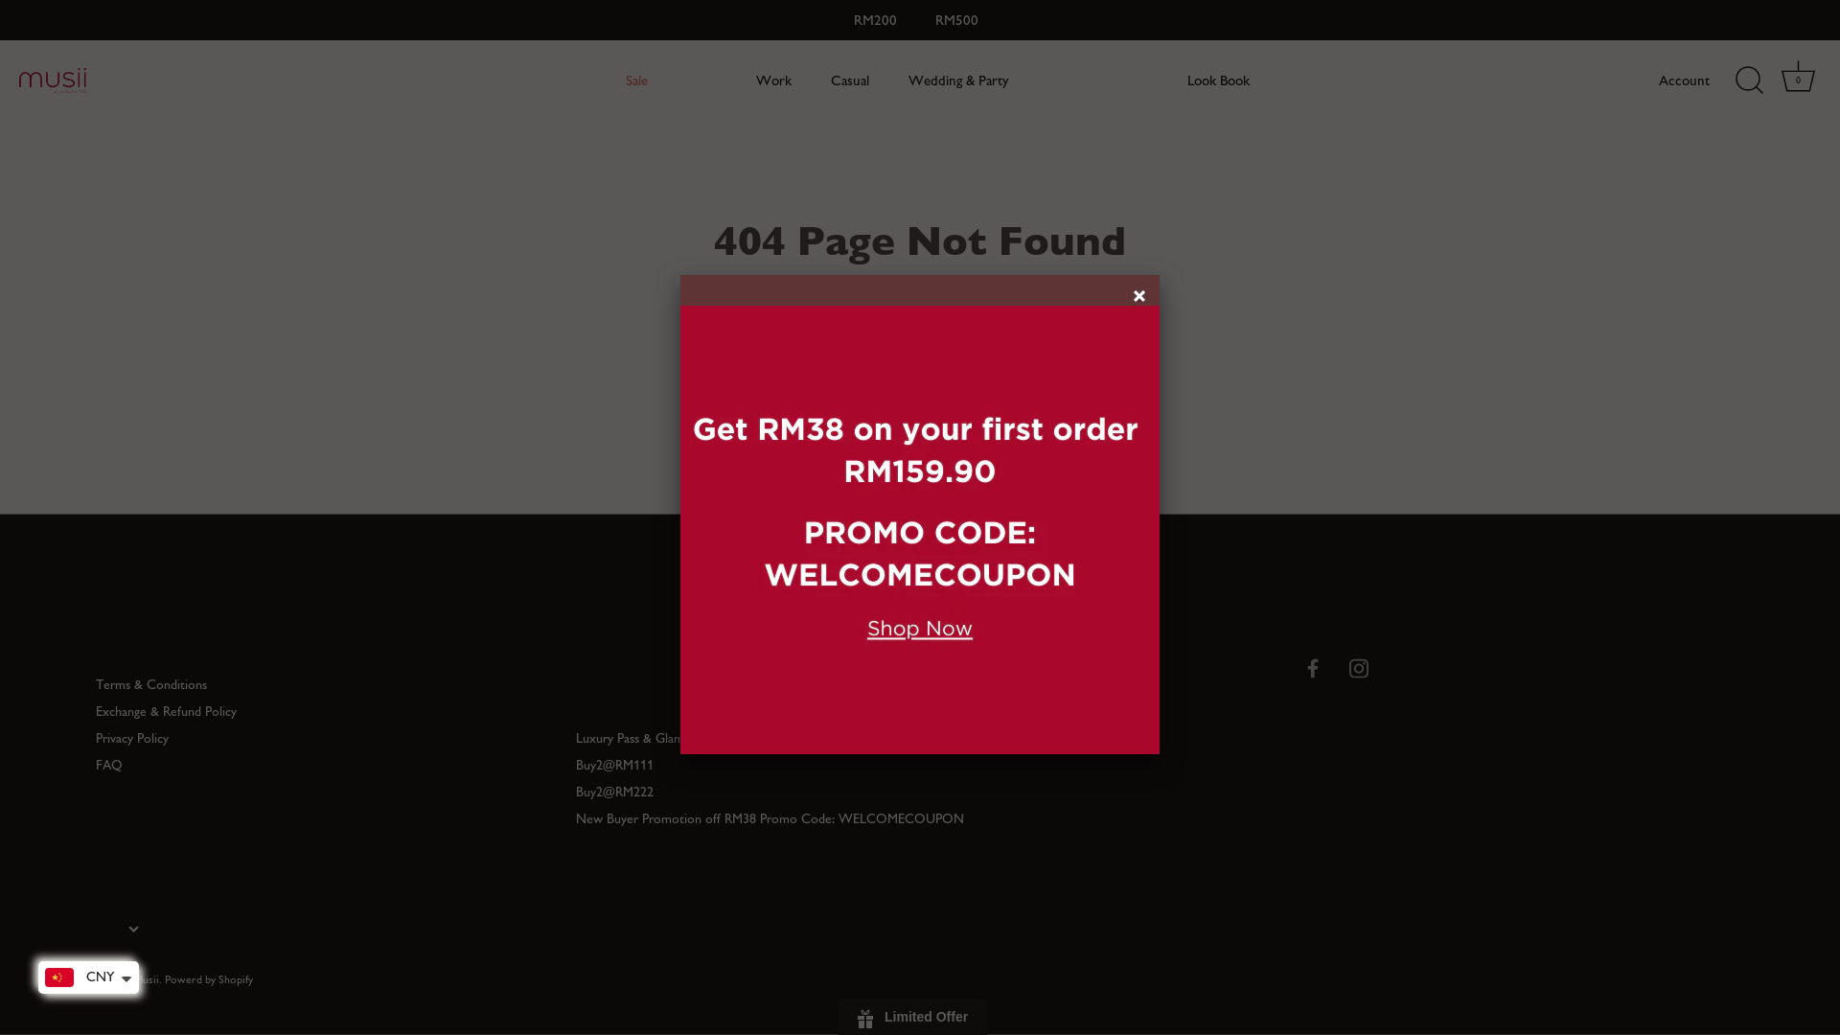  Describe the element at coordinates (1775, 80) in the screenshot. I see `'Cart` at that location.